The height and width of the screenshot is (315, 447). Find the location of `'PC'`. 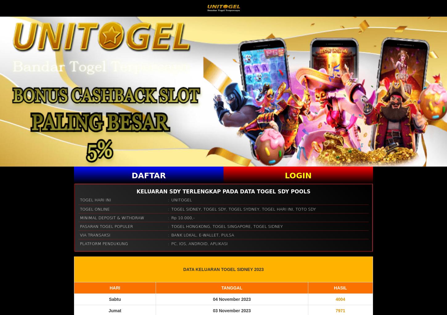

'PC' is located at coordinates (174, 243).